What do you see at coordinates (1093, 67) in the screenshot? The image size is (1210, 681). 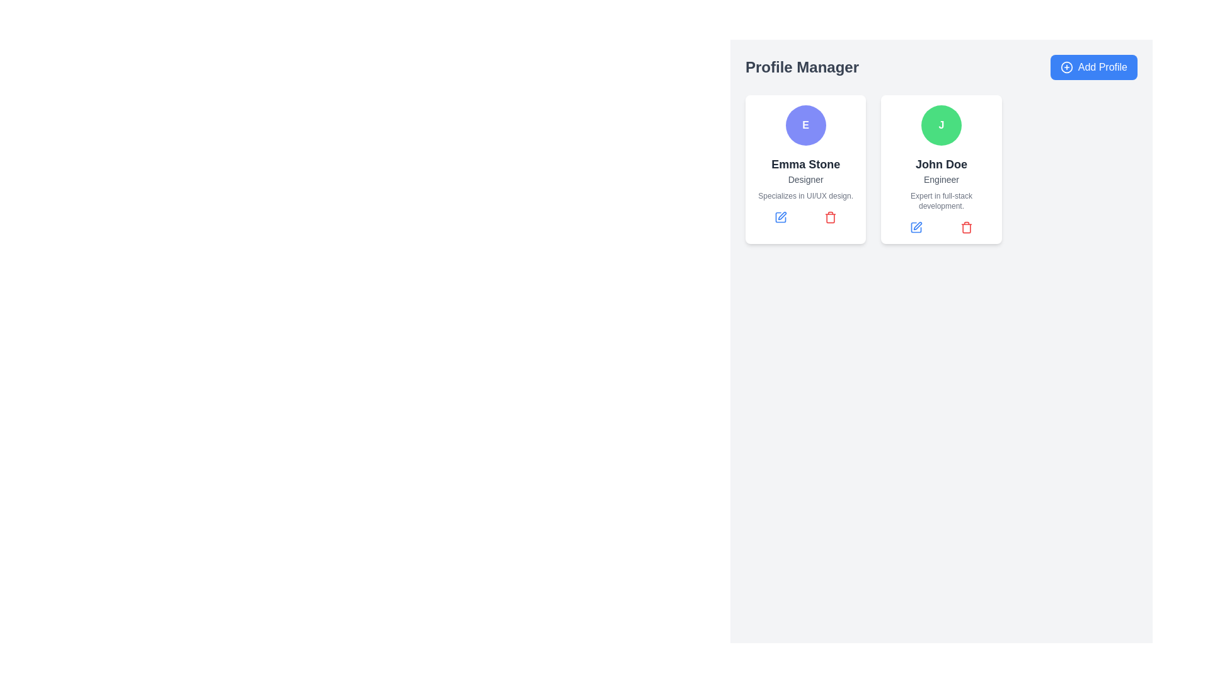 I see `the blue button labeled 'Add Profile' with rounded corners` at bounding box center [1093, 67].